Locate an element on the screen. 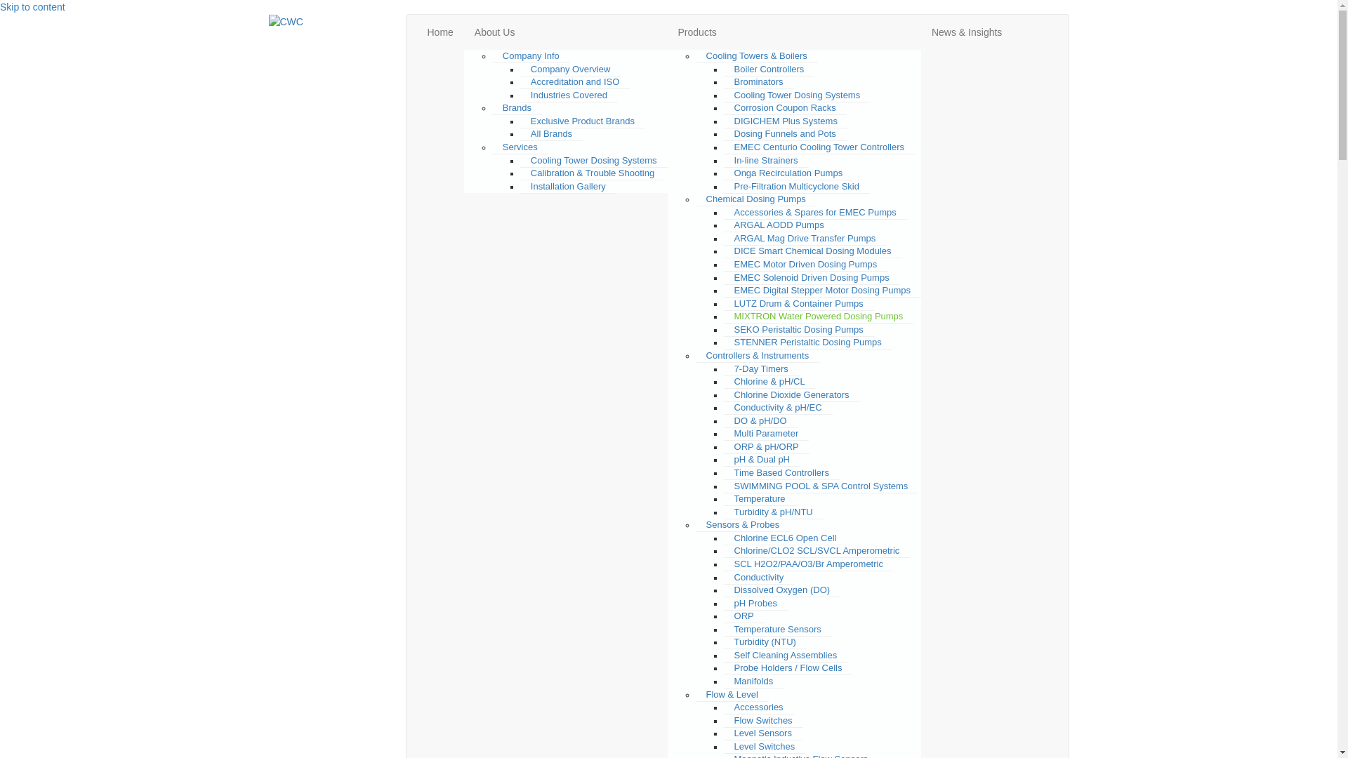  'Multi Parameter' is located at coordinates (765, 432).